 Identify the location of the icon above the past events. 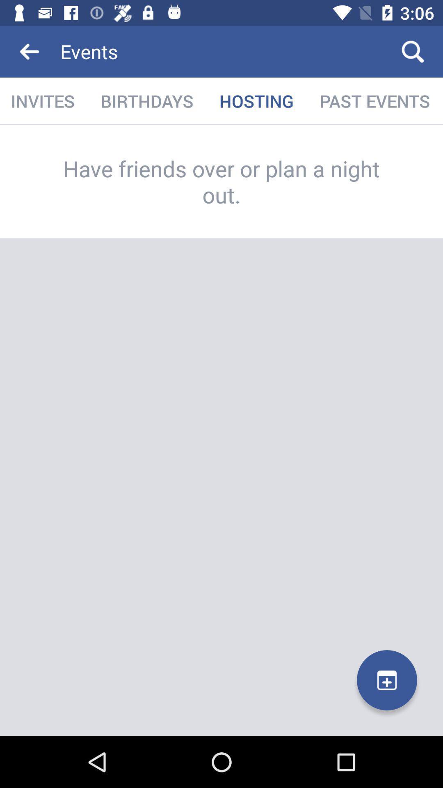
(413, 51).